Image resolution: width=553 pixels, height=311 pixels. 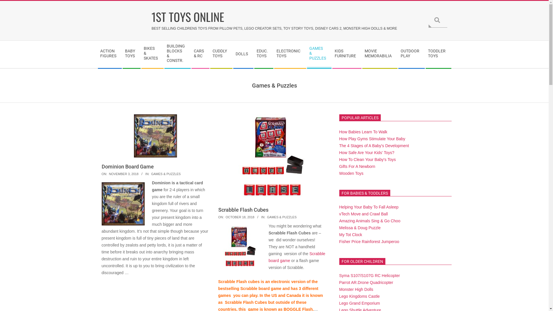 What do you see at coordinates (290, 54) in the screenshot?
I see `'ELECTRONIC TOYS'` at bounding box center [290, 54].